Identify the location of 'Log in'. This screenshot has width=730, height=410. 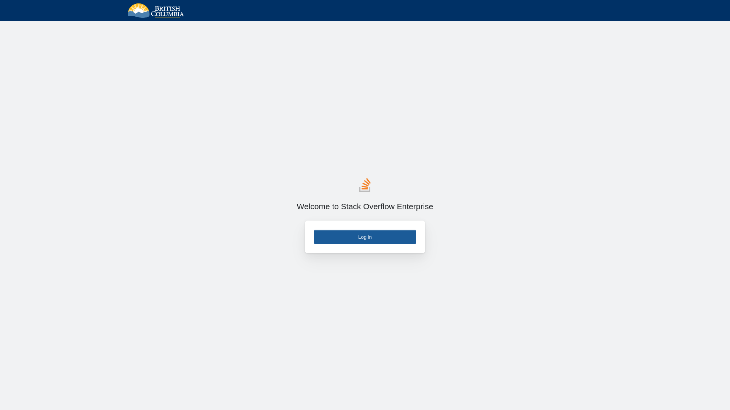
(365, 237).